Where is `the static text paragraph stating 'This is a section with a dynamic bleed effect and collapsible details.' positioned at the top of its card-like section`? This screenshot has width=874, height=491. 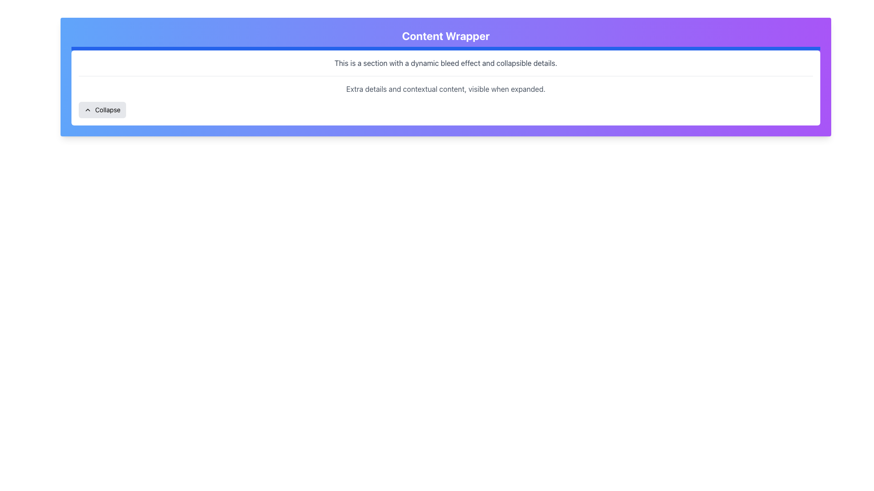 the static text paragraph stating 'This is a section with a dynamic bleed effect and collapsible details.' positioned at the top of its card-like section is located at coordinates (446, 62).